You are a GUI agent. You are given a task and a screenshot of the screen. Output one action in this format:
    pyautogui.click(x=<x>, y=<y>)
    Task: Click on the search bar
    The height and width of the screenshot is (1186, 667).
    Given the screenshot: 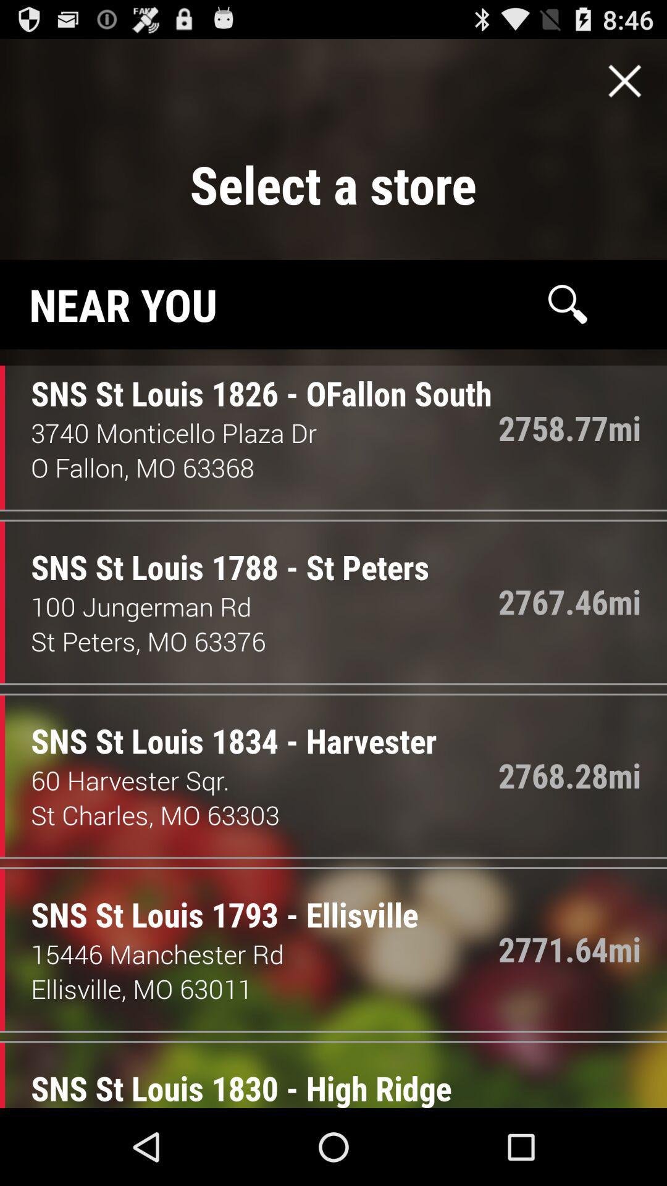 What is the action you would take?
    pyautogui.click(x=568, y=304)
    